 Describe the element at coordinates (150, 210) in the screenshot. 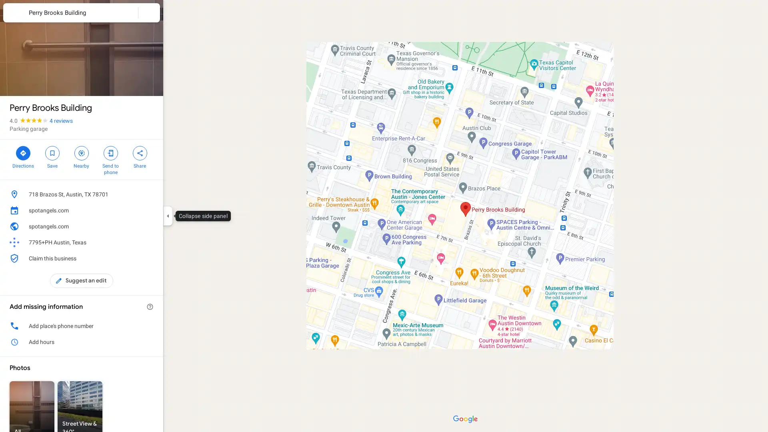

I see `Open booking link` at that location.